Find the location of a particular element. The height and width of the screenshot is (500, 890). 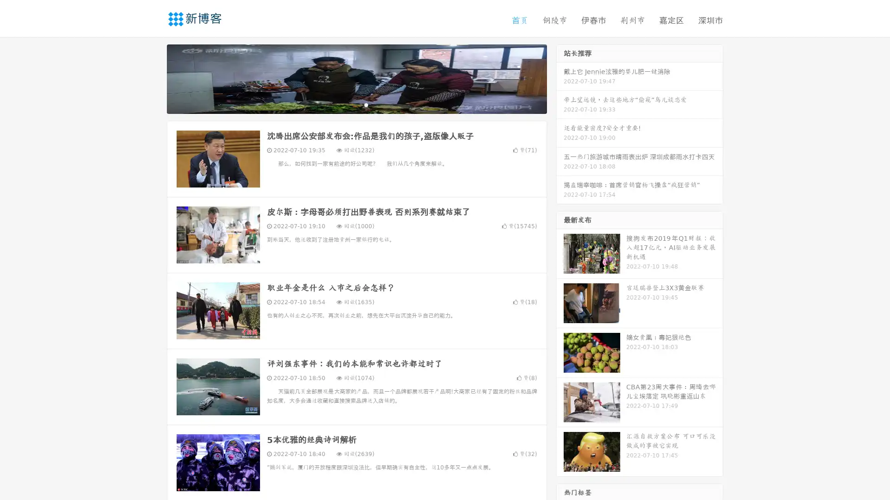

Go to slide 1 is located at coordinates (347, 104).